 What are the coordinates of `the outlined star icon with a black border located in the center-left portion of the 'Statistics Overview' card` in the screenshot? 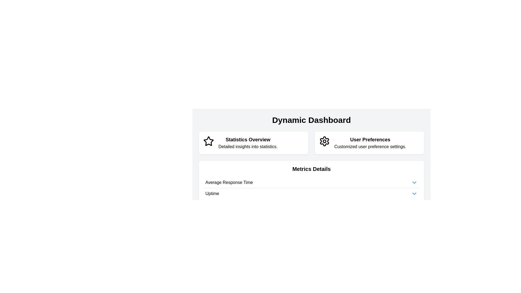 It's located at (208, 141).